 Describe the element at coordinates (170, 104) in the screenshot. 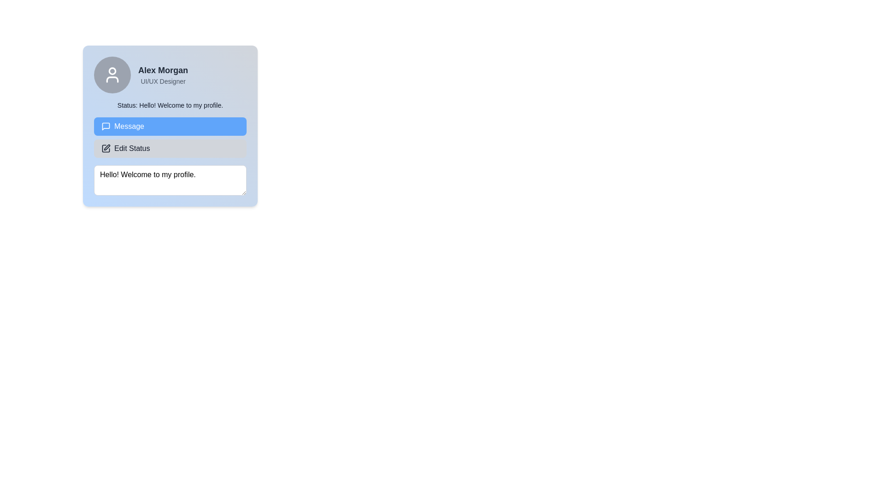

I see `the static text label displaying 'Status: Hello! Welcome to my profile.' which is centrally aligned within the profile card, located above the buttons 'Message' and 'Edit Status.'` at that location.